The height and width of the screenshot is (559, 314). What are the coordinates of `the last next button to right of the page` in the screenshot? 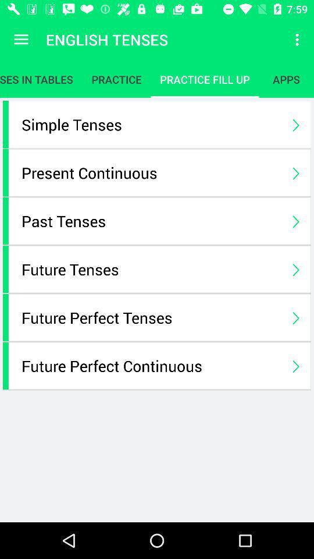 It's located at (295, 365).